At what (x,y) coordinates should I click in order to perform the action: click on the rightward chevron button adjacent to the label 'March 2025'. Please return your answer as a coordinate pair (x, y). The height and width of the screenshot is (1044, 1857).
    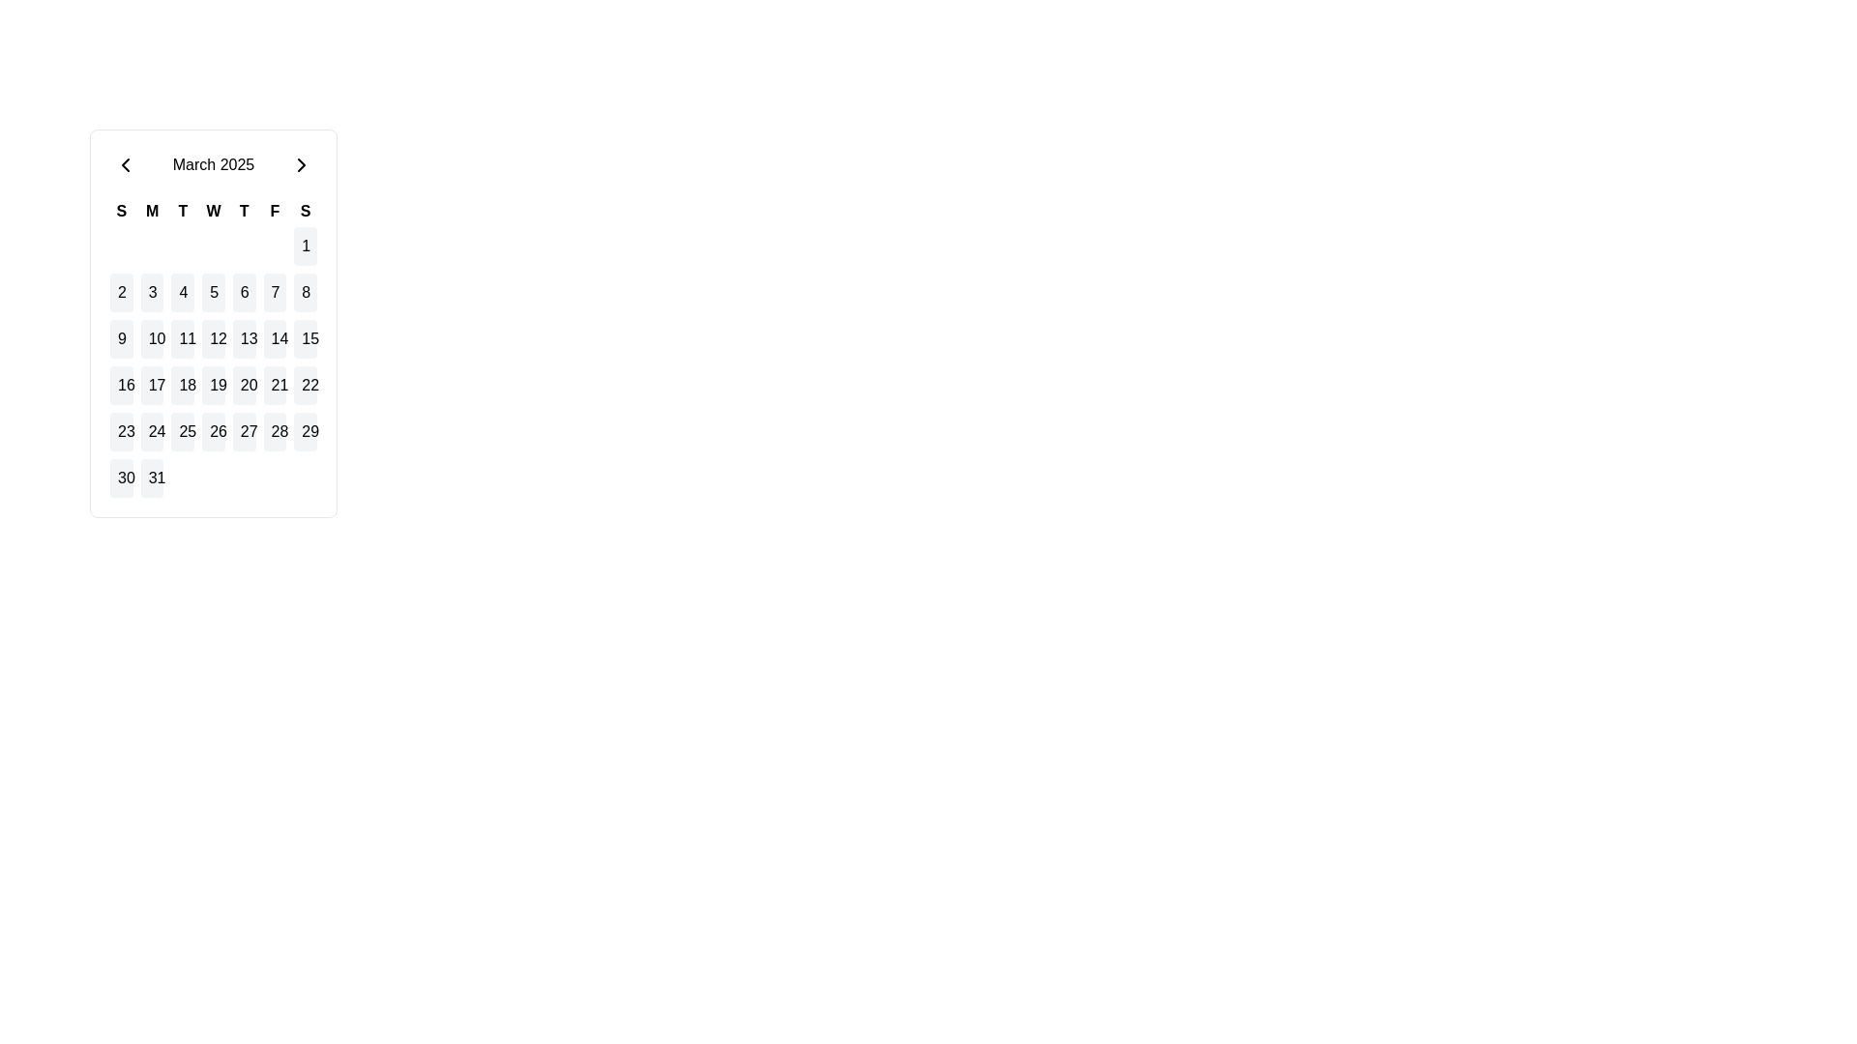
    Looking at the image, I should click on (301, 163).